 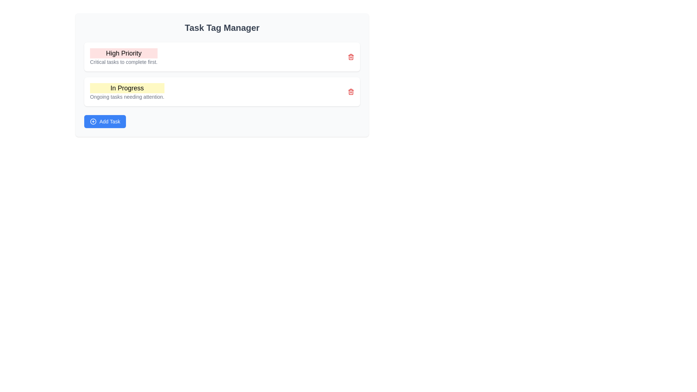 What do you see at coordinates (123, 53) in the screenshot?
I see `the text label with the content 'High Priority' that is styled with a larger font size and bold weight, featuring a light red background, located at the top of its section under the 'Task Tag Manager' heading` at bounding box center [123, 53].